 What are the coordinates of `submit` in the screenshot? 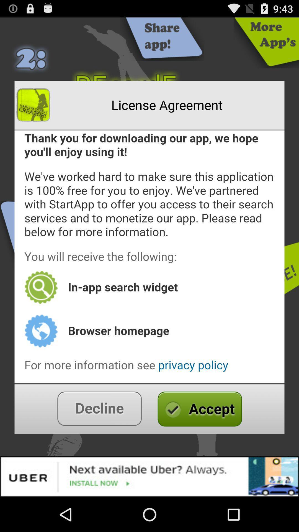 It's located at (149, 408).